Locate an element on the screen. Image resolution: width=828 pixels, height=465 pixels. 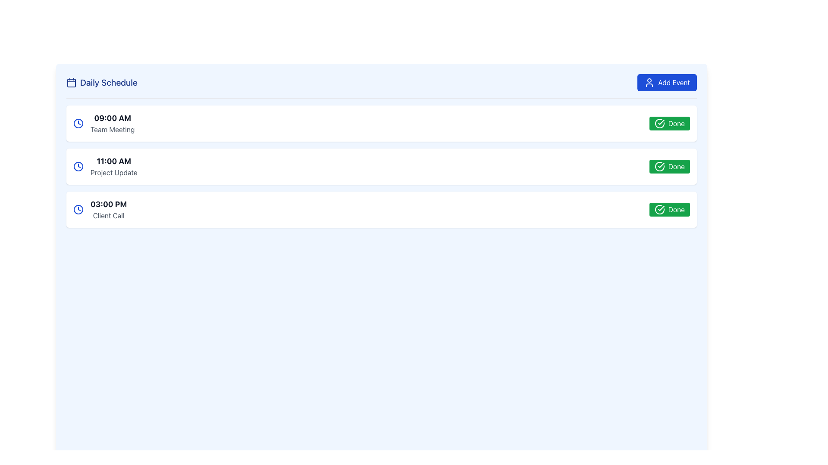
the 'Client Call' text label, which is styled in gray and positioned below the '03:00 PM' label in the schedule list is located at coordinates (108, 215).